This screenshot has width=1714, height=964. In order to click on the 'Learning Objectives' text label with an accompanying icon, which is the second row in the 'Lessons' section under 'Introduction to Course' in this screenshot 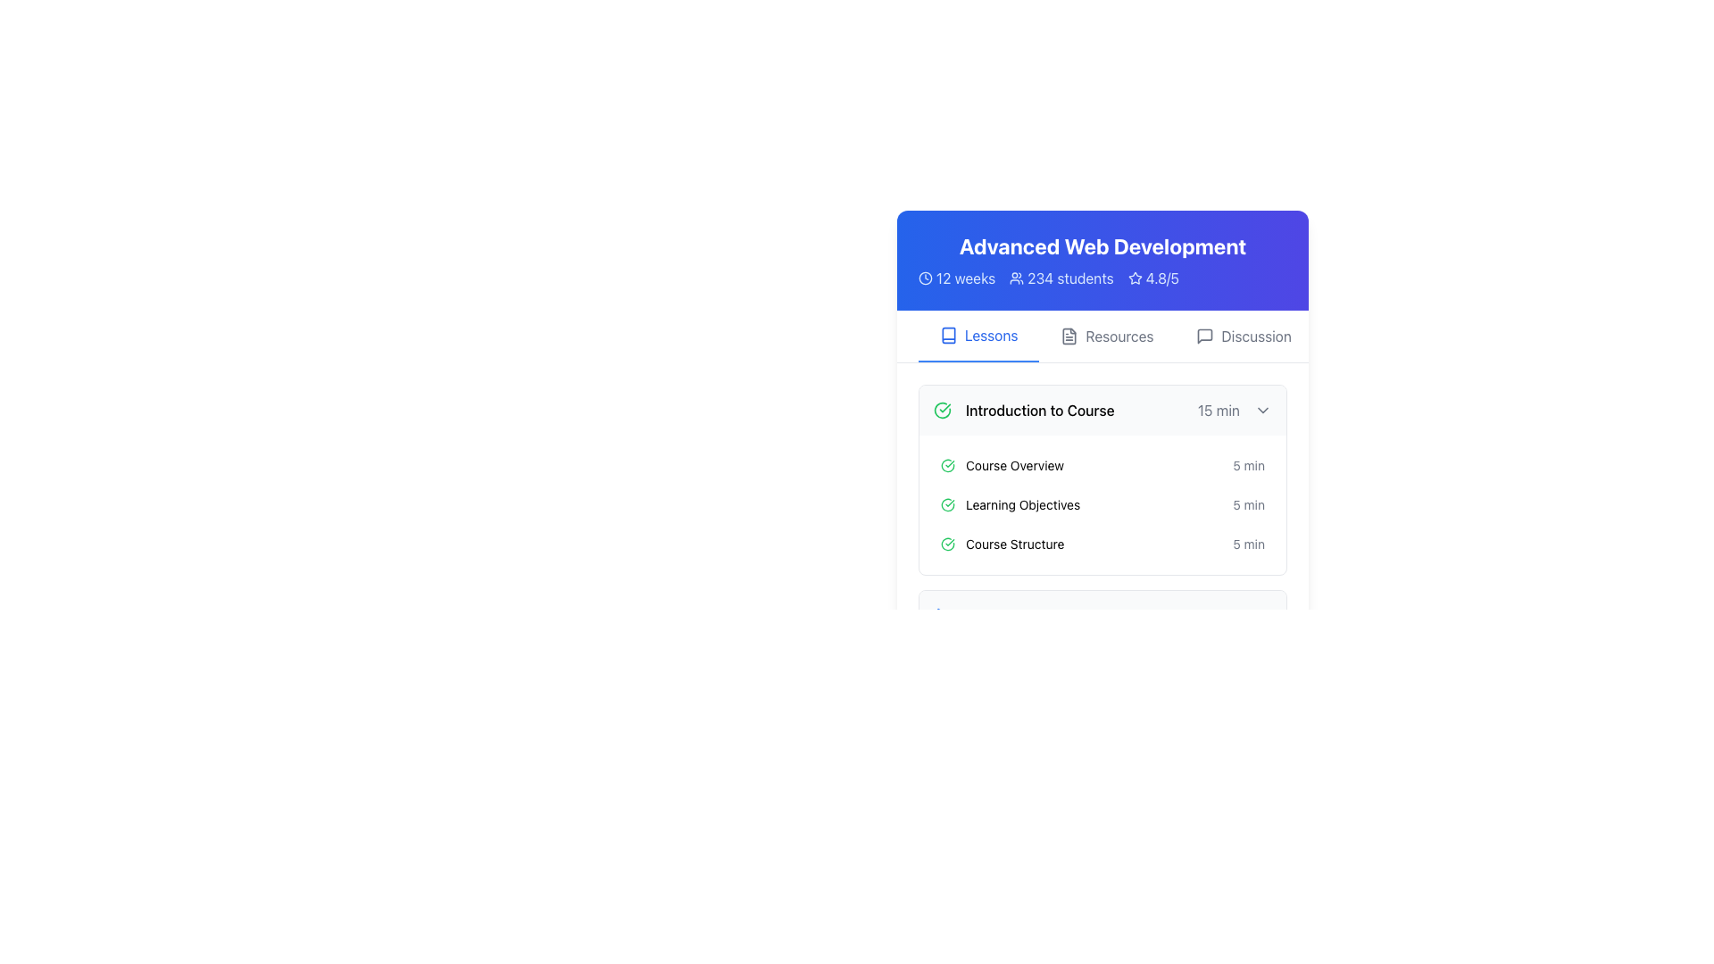, I will do `click(1011, 505)`.